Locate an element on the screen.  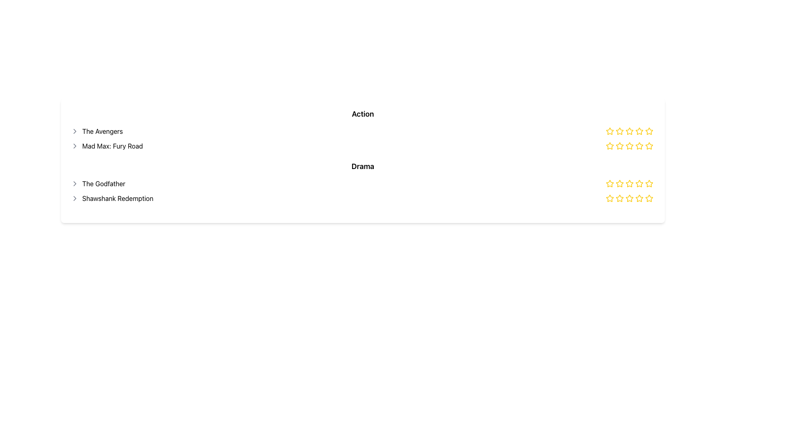
the fifth star in the rating system located in the rightmost column is located at coordinates (648, 131).